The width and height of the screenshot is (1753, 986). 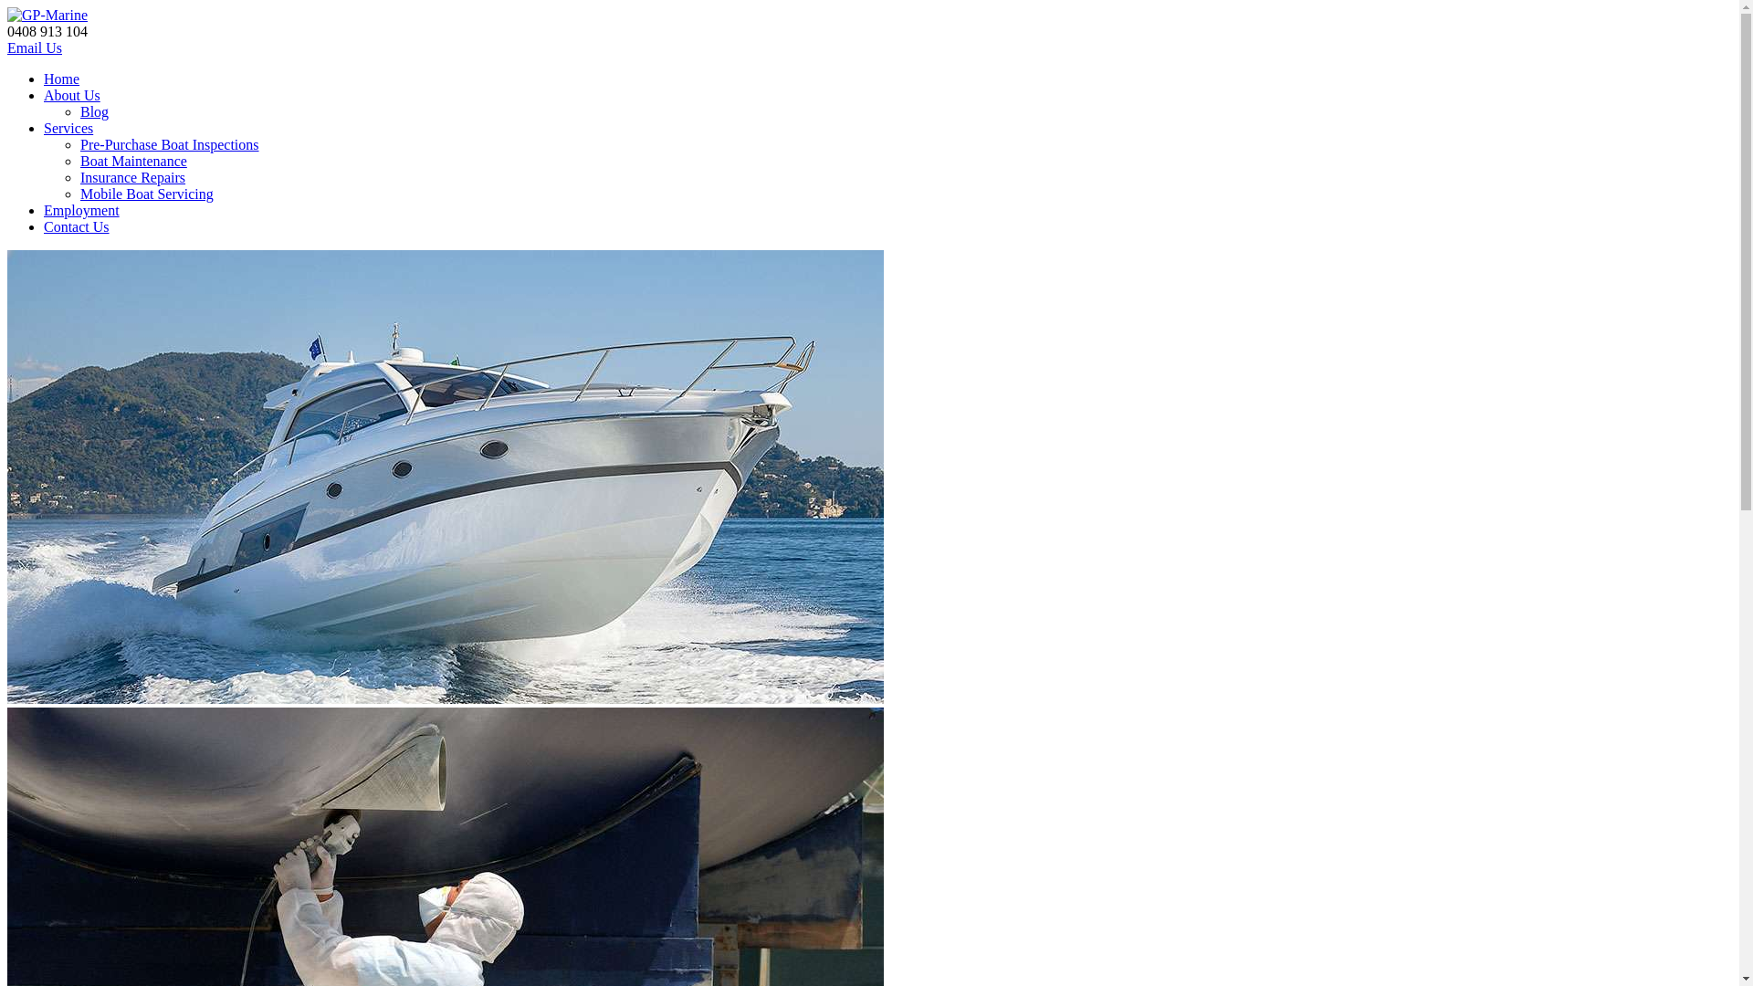 What do you see at coordinates (61, 78) in the screenshot?
I see `'Home'` at bounding box center [61, 78].